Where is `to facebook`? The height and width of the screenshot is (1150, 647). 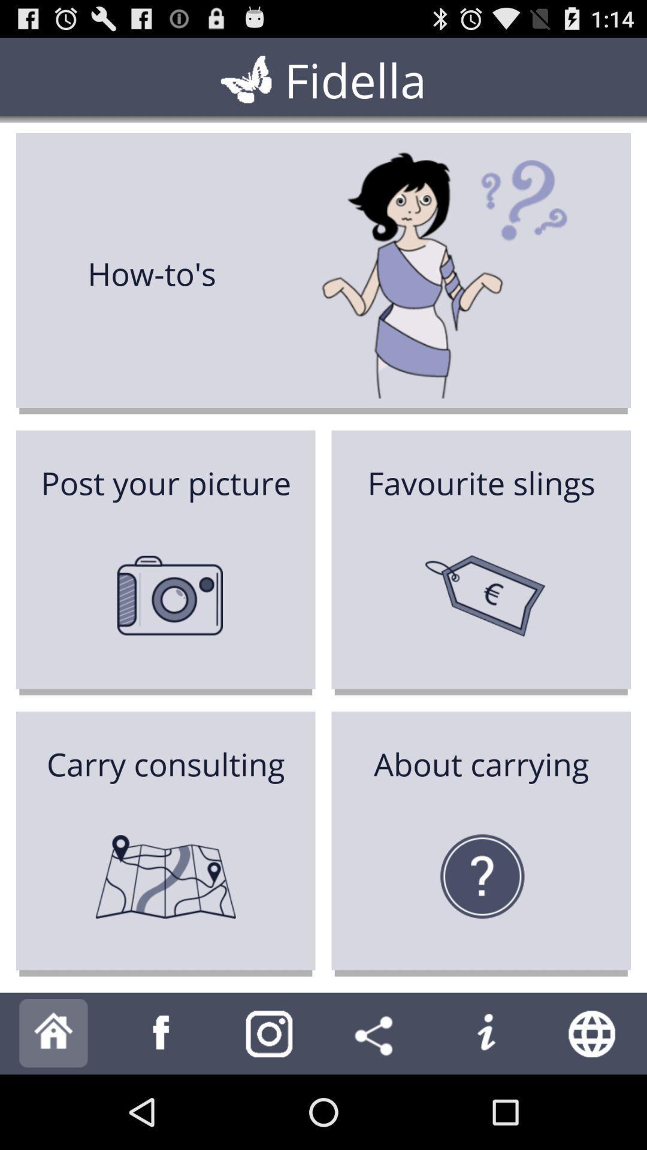 to facebook is located at coordinates (162, 1033).